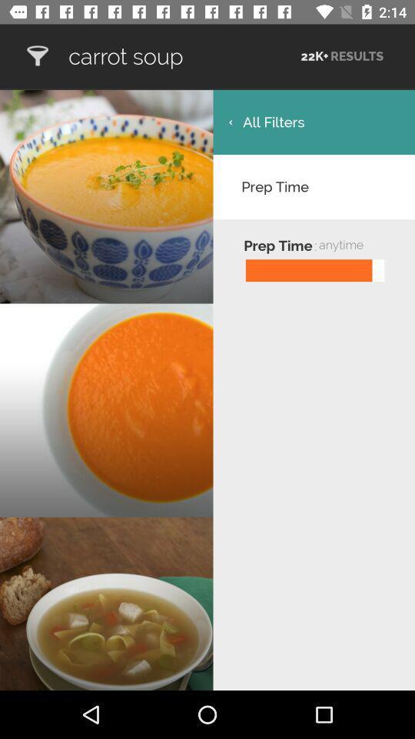 The height and width of the screenshot is (739, 415). What do you see at coordinates (183, 56) in the screenshot?
I see `carrot soup item` at bounding box center [183, 56].